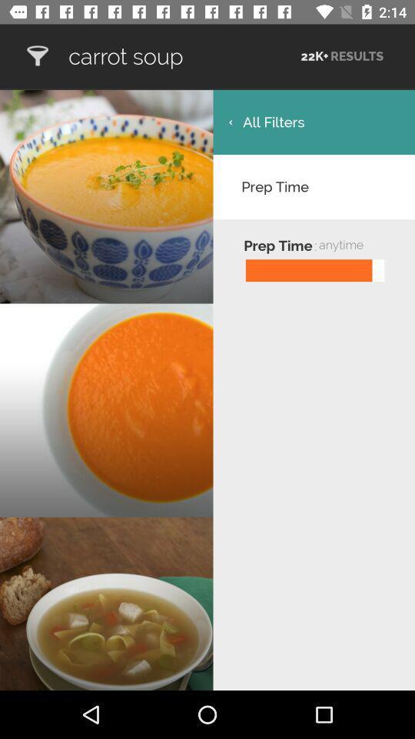 The height and width of the screenshot is (739, 415). What do you see at coordinates (183, 56) in the screenshot?
I see `carrot soup item` at bounding box center [183, 56].